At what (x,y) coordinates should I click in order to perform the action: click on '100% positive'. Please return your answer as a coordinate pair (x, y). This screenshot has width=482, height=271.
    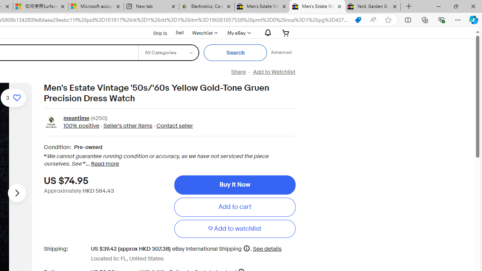
    Looking at the image, I should click on (81, 125).